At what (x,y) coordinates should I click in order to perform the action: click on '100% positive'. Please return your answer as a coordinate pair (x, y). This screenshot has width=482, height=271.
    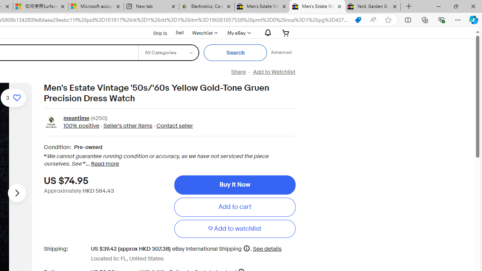
    Looking at the image, I should click on (81, 125).